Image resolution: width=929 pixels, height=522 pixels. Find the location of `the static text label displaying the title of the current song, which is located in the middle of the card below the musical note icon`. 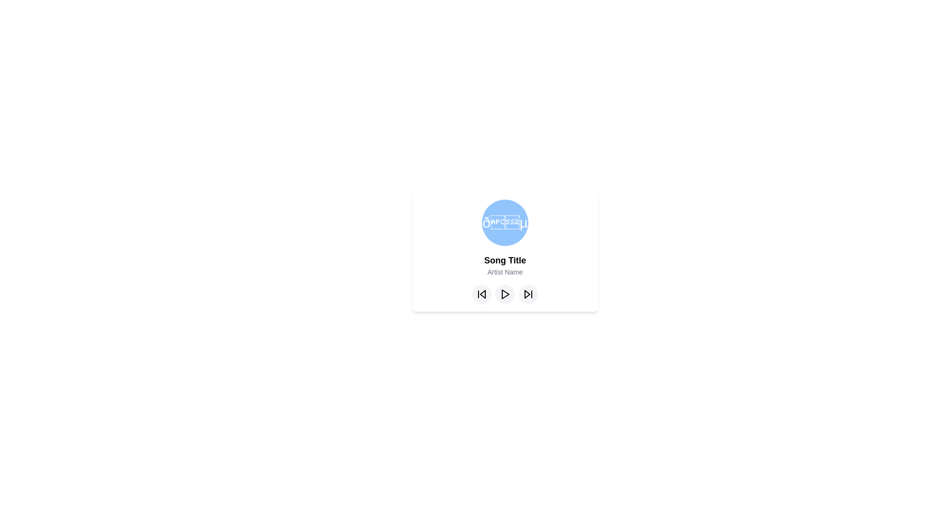

the static text label displaying the title of the current song, which is located in the middle of the card below the musical note icon is located at coordinates (504, 260).